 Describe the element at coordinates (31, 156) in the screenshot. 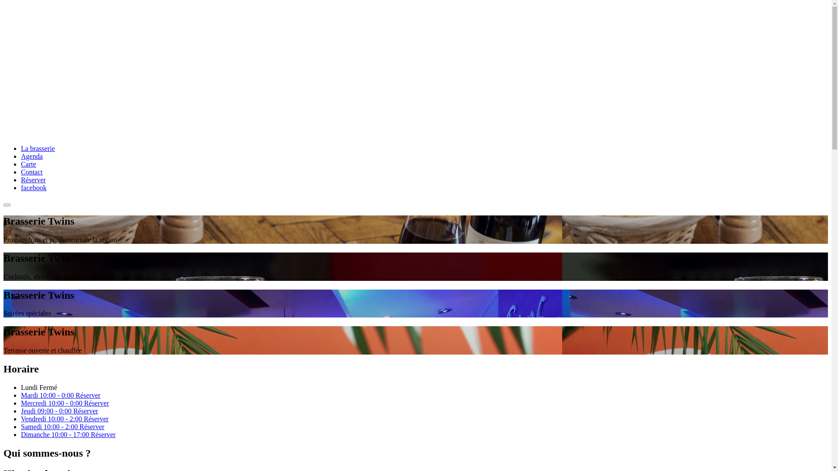

I see `'Agenda'` at that location.